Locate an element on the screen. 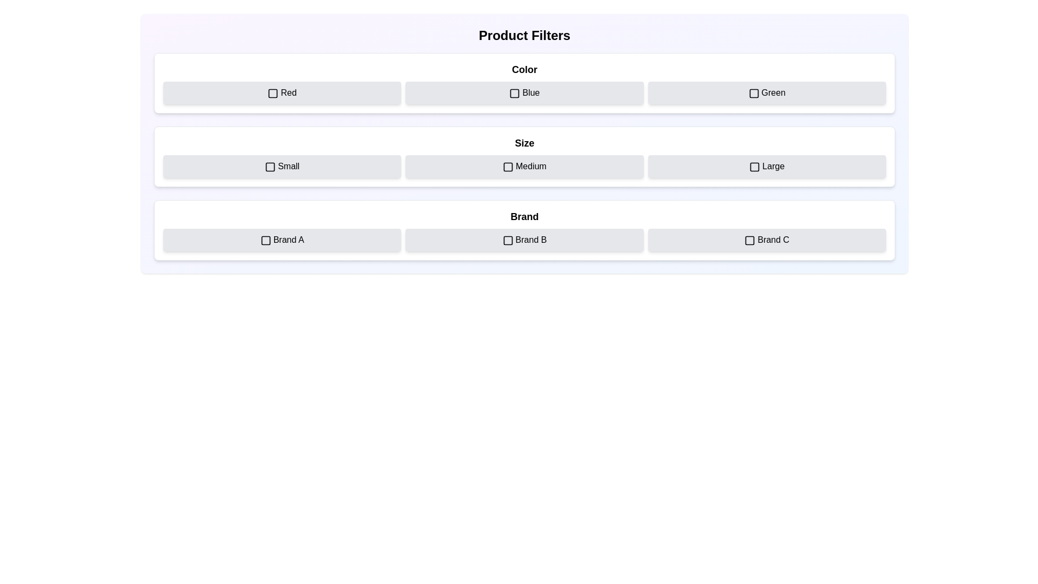 The height and width of the screenshot is (584, 1038). the 'Medium' button with an embedded checkbox icon is located at coordinates (524, 167).